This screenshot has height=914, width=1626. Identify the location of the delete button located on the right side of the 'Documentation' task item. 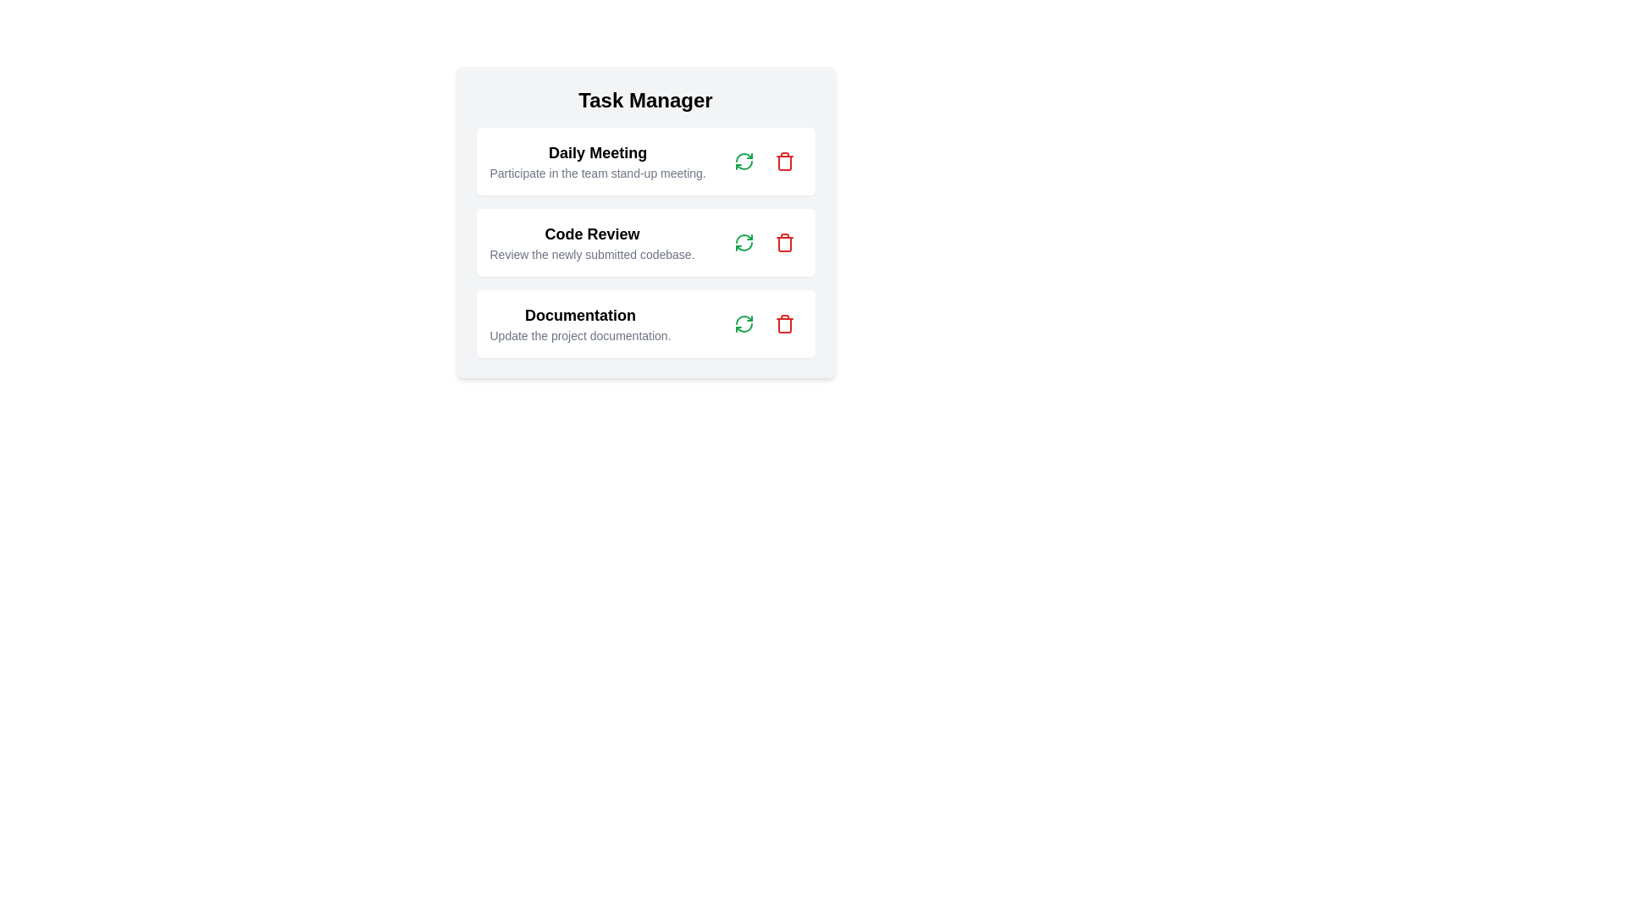
(783, 323).